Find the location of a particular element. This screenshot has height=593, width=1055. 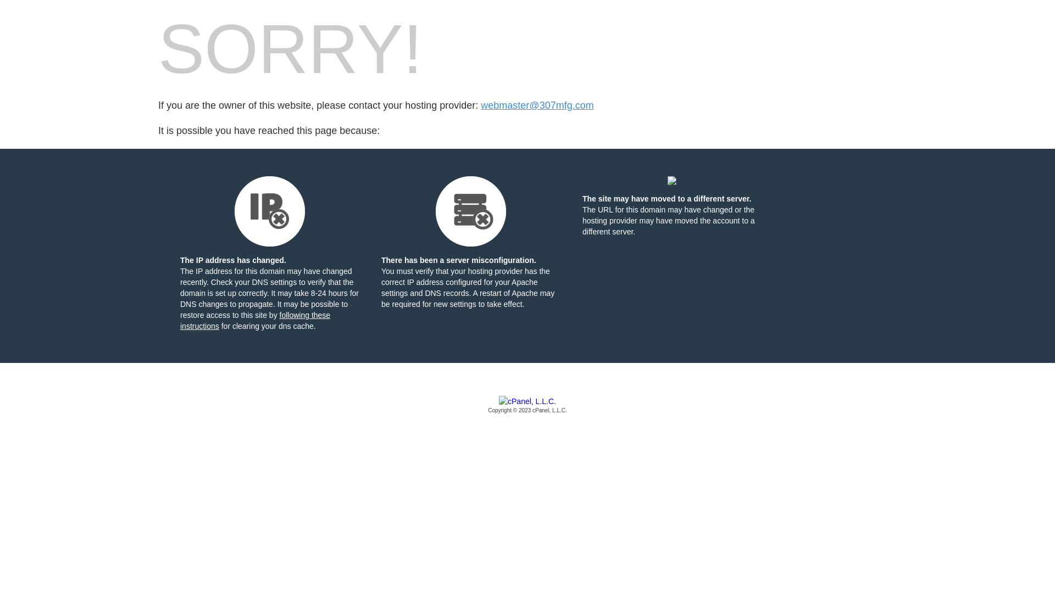

'webmaster@307mfg.com' is located at coordinates (480, 105).